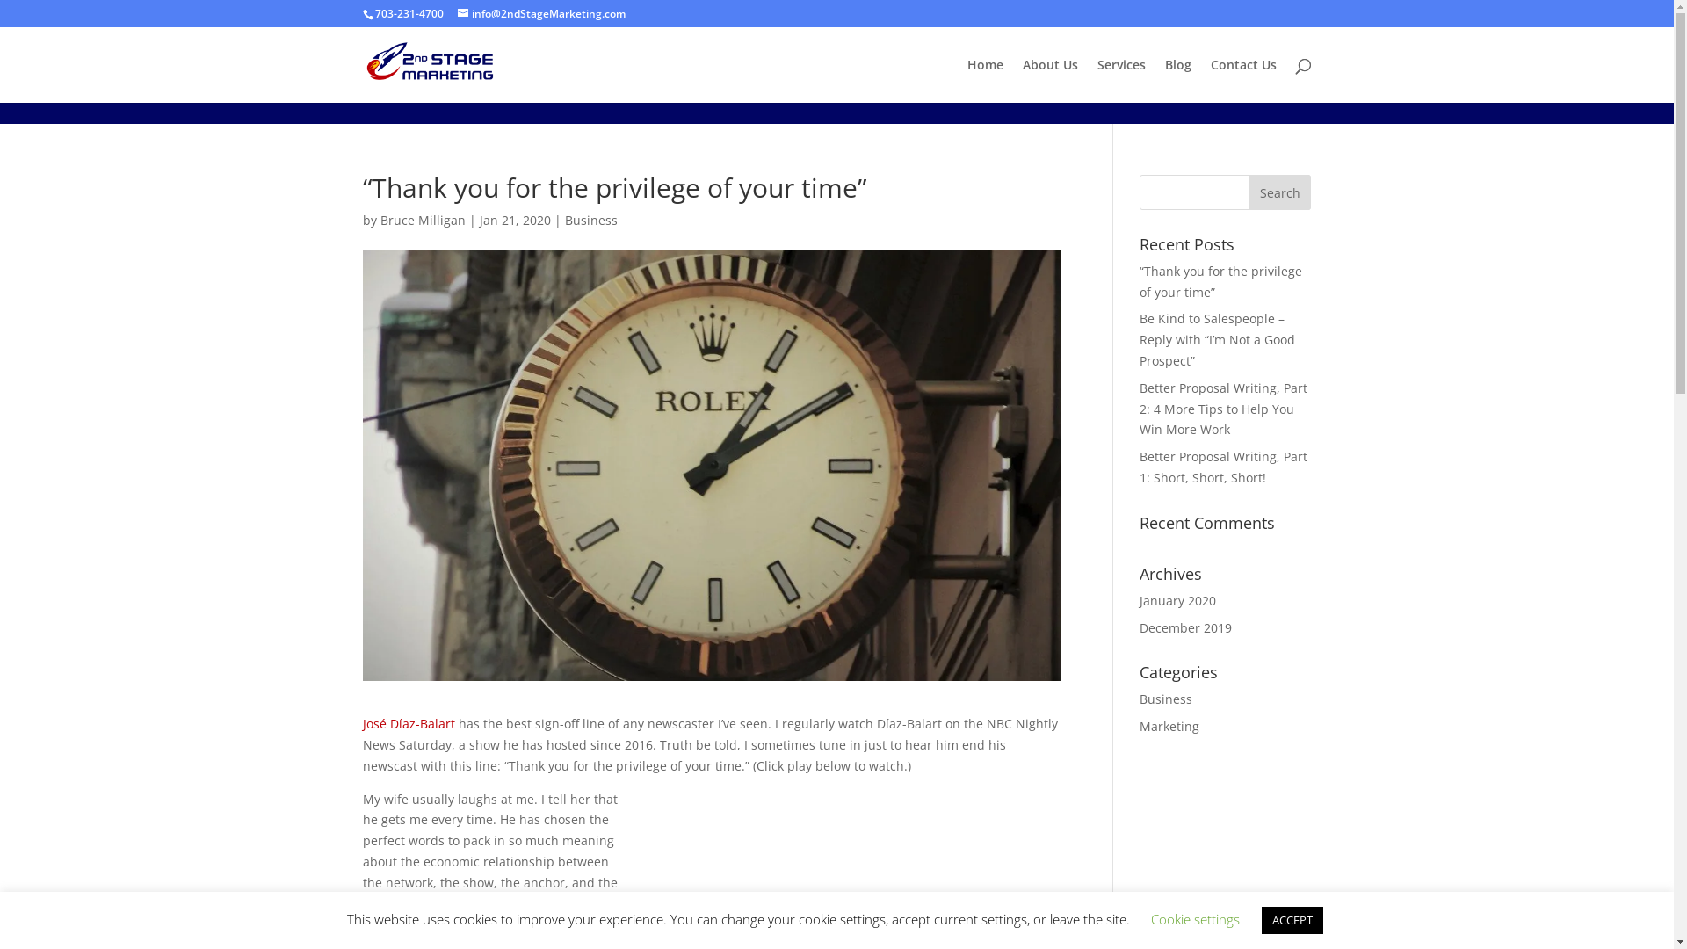 Image resolution: width=1687 pixels, height=949 pixels. What do you see at coordinates (539, 13) in the screenshot?
I see `'info@2ndStageMarketing.com'` at bounding box center [539, 13].